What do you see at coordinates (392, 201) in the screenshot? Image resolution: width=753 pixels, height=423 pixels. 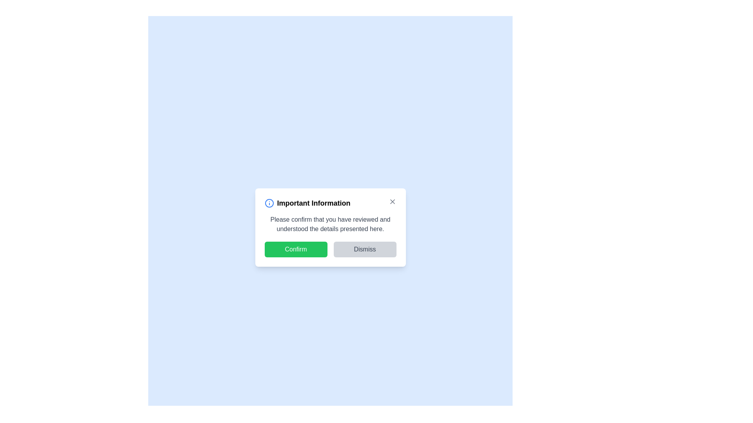 I see `the 'X' icon button located in the top-right corner of the modal header titled 'Important Information'` at bounding box center [392, 201].